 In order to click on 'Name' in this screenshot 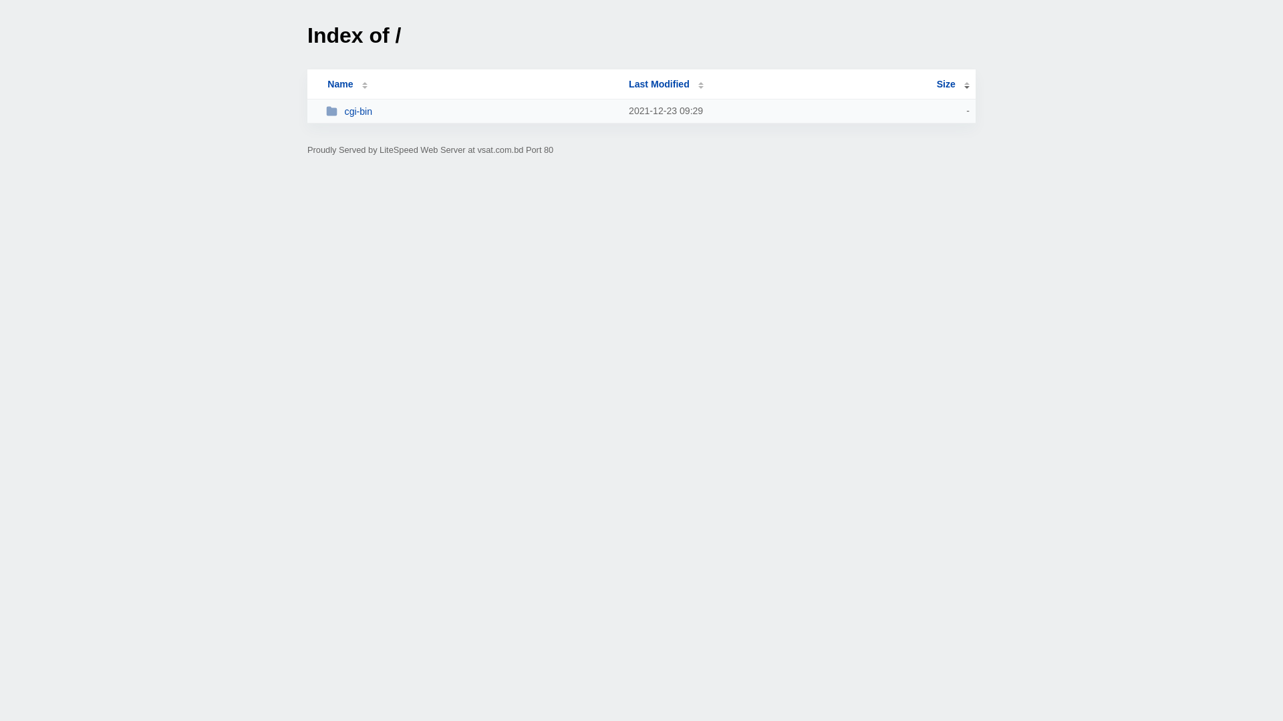, I will do `click(339, 84)`.